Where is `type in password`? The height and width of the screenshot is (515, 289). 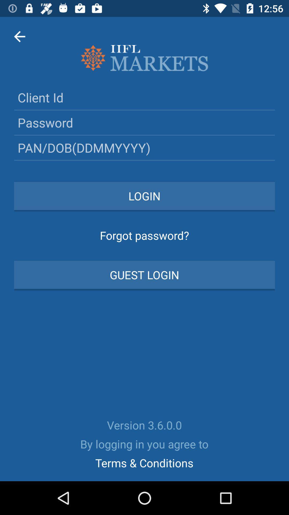
type in password is located at coordinates (144, 122).